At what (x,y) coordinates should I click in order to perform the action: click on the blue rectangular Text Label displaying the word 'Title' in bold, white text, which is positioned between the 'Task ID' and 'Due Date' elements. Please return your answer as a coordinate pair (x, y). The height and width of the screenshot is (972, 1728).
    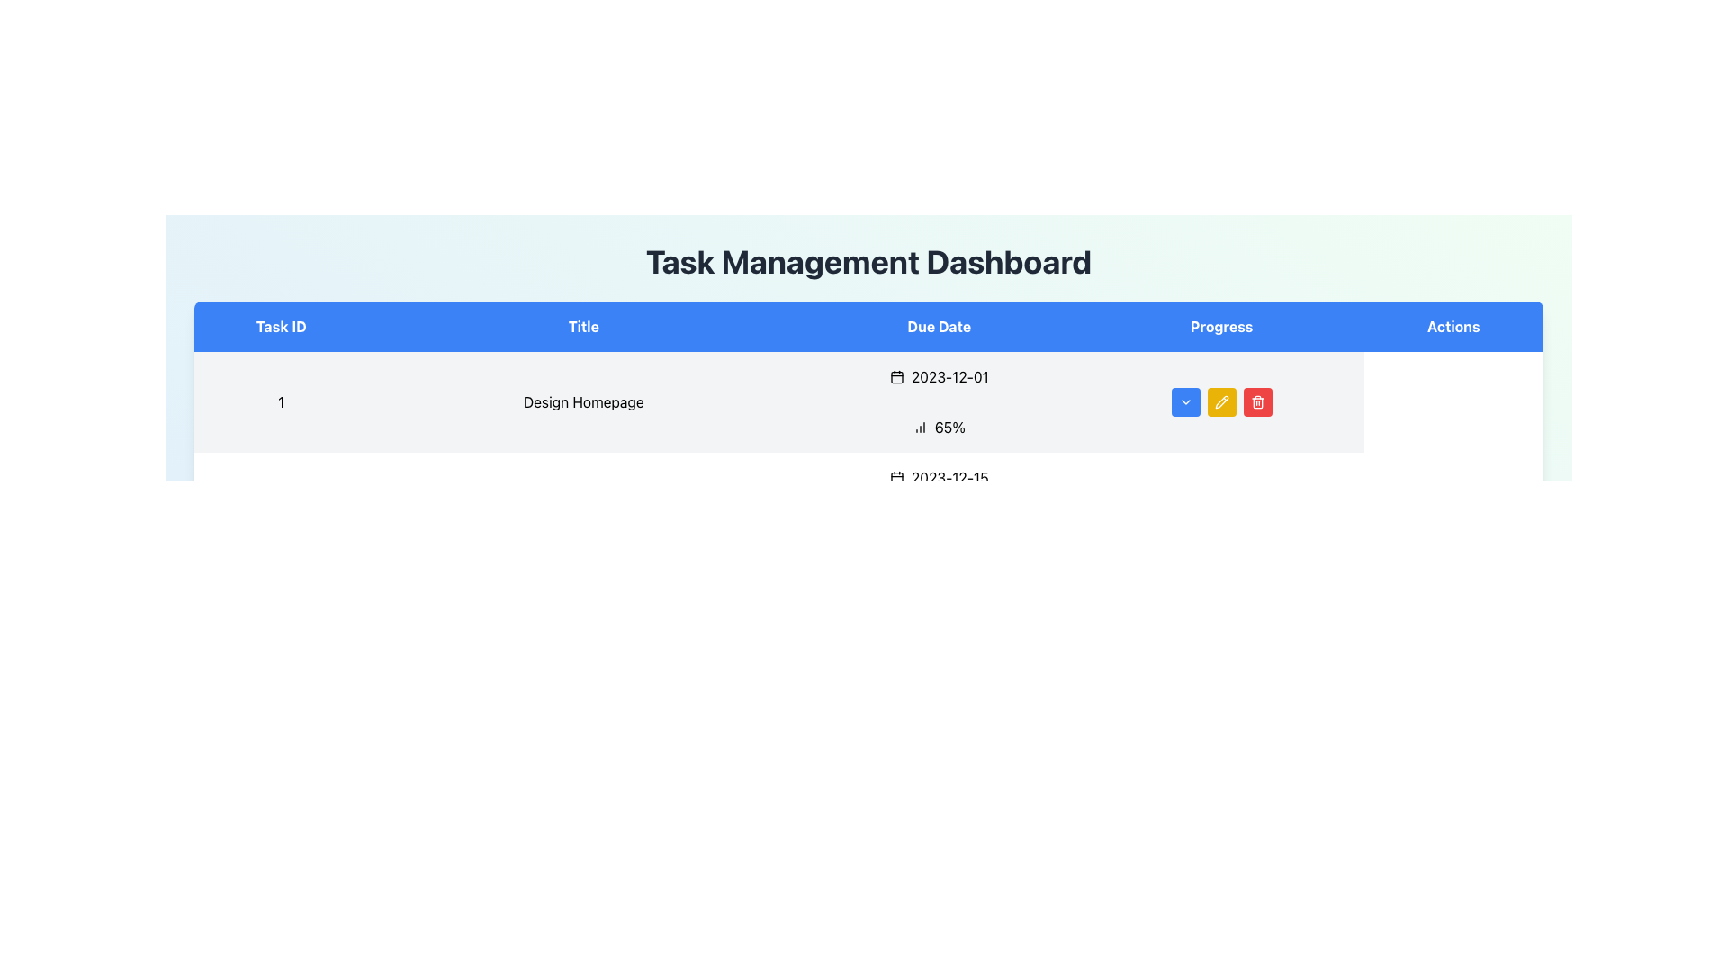
    Looking at the image, I should click on (583, 326).